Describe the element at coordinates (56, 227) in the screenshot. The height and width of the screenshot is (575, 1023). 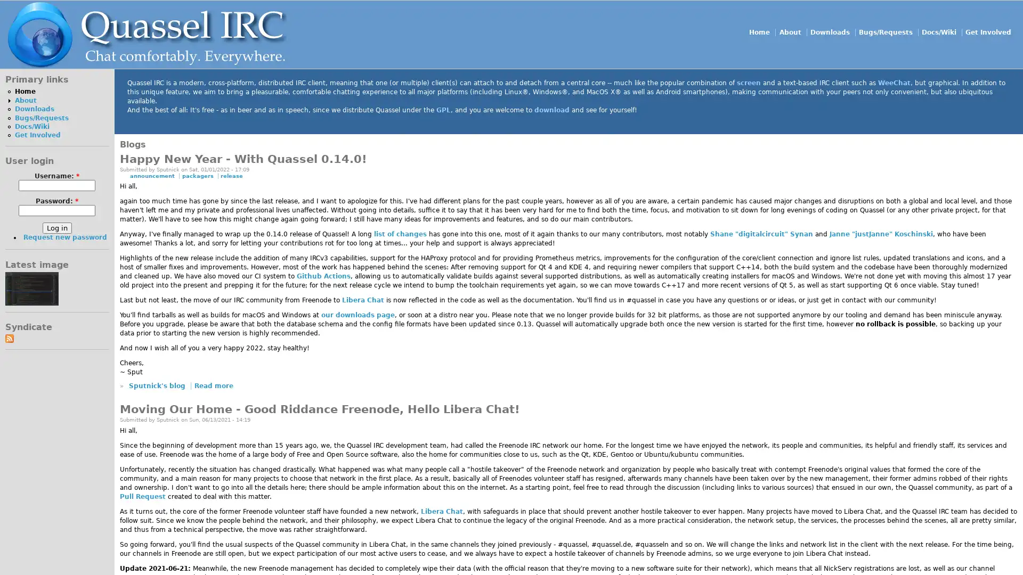
I see `Log in` at that location.